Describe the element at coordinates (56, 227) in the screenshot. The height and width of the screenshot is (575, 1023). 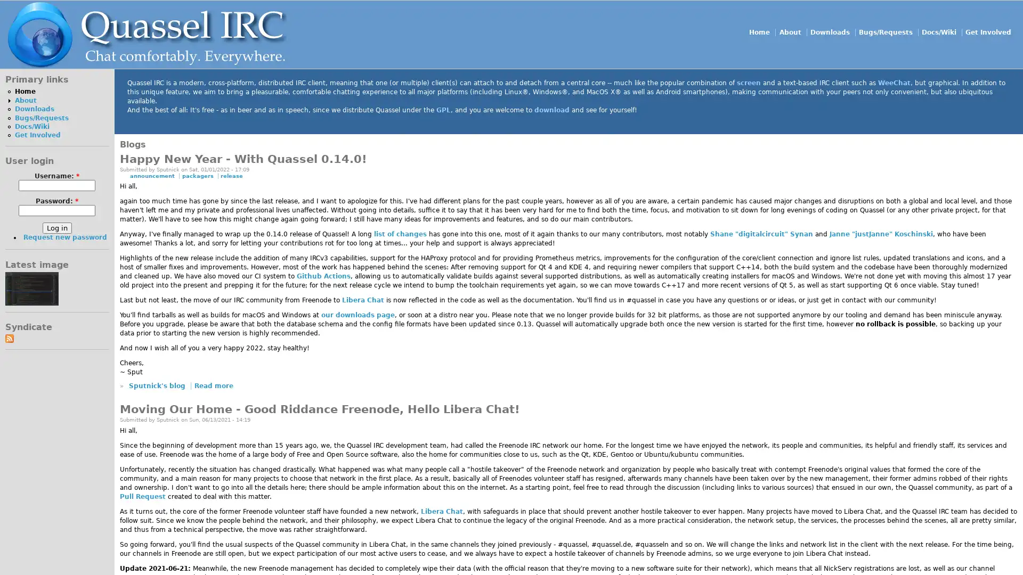
I see `Log in` at that location.